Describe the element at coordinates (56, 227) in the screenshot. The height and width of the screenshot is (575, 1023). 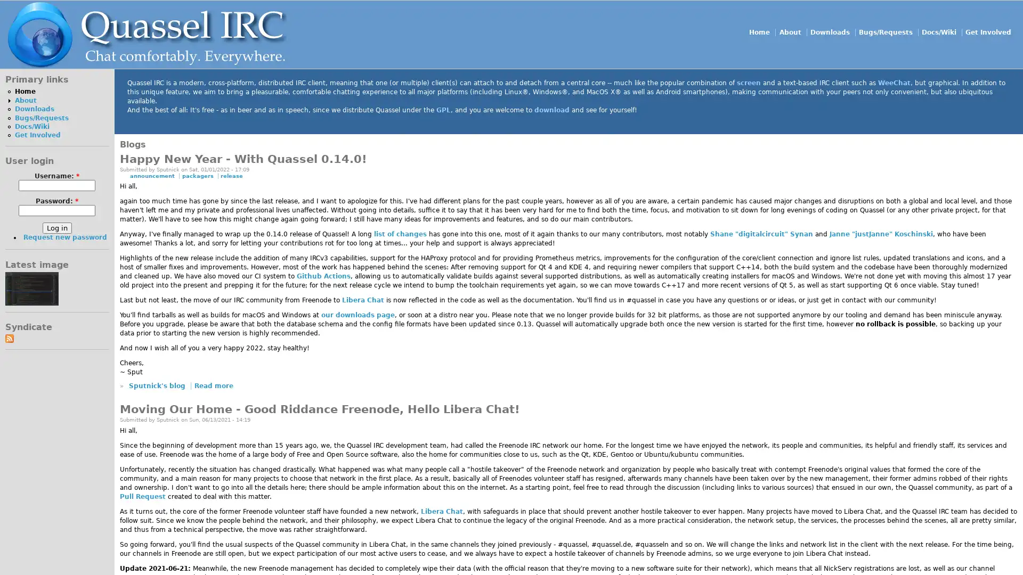
I see `Log in` at that location.